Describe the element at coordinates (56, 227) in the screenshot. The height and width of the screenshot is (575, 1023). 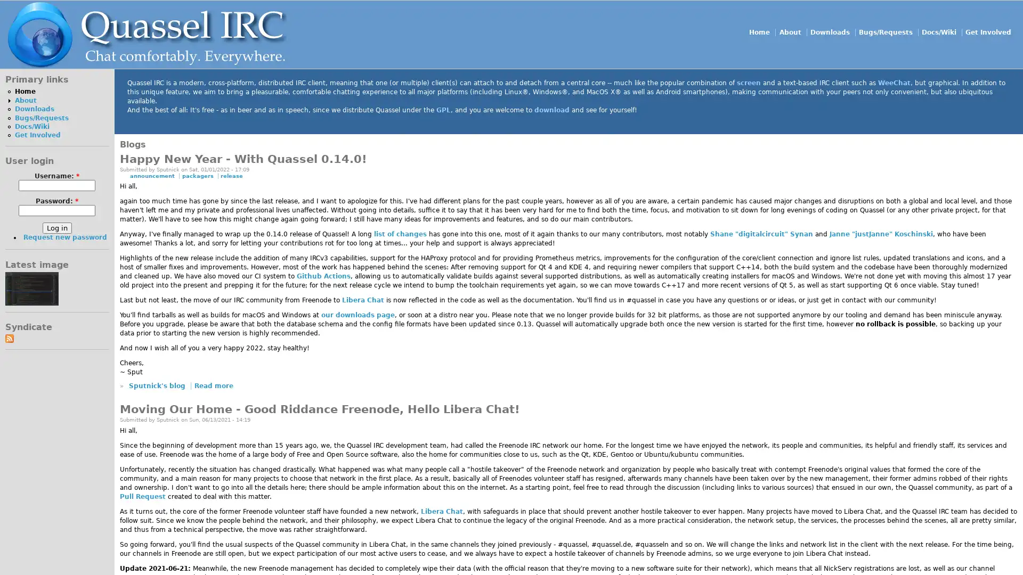
I see `Log in` at that location.